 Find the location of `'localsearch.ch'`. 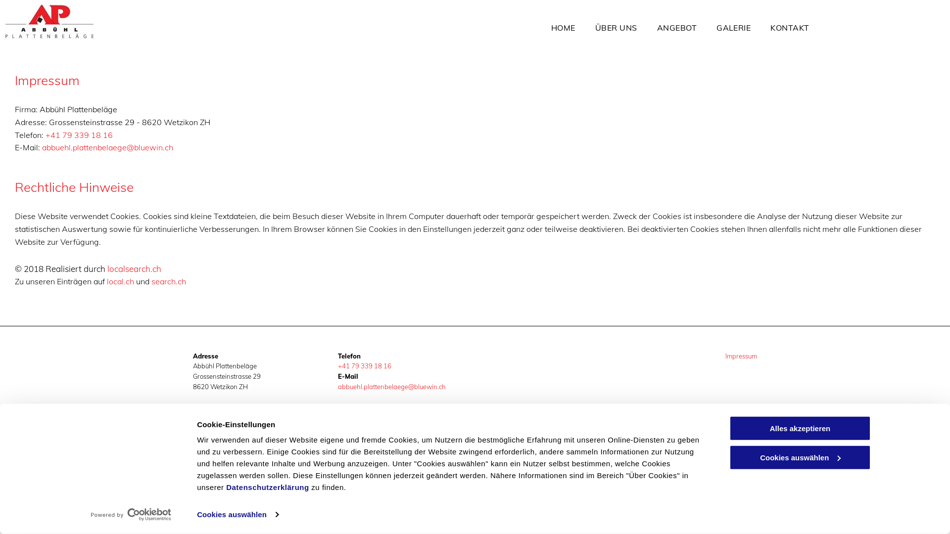

'localsearch.ch' is located at coordinates (134, 268).